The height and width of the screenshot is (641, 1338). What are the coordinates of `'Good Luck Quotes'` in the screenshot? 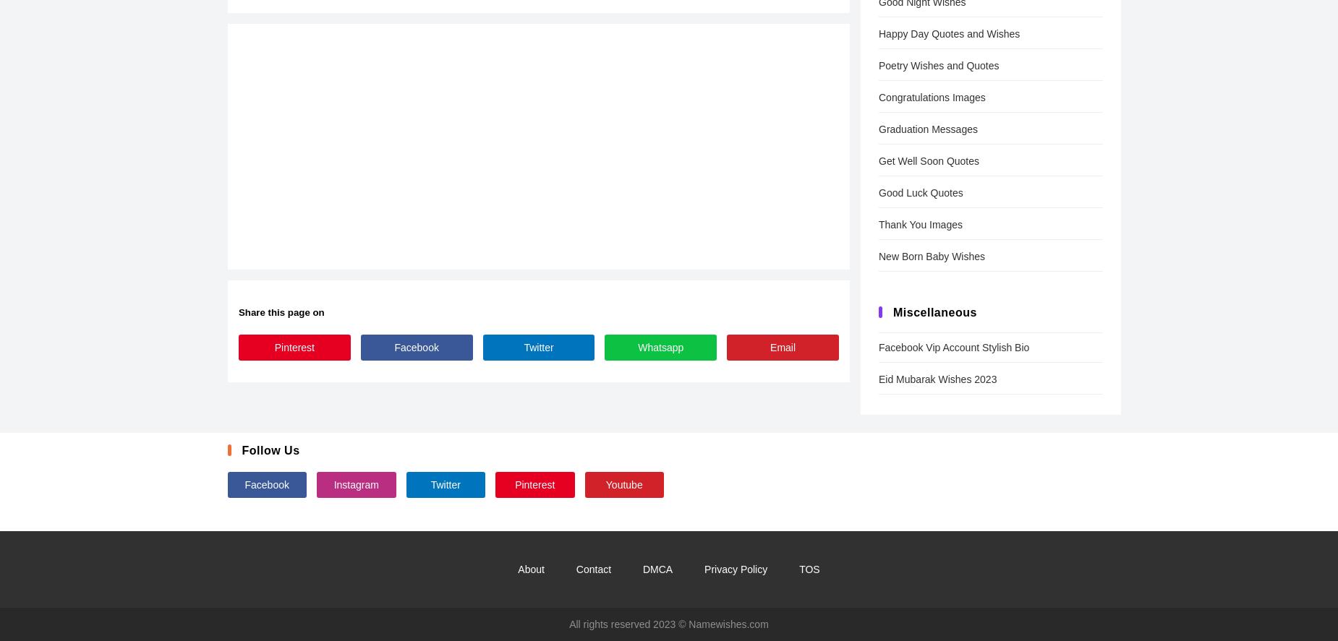 It's located at (919, 192).